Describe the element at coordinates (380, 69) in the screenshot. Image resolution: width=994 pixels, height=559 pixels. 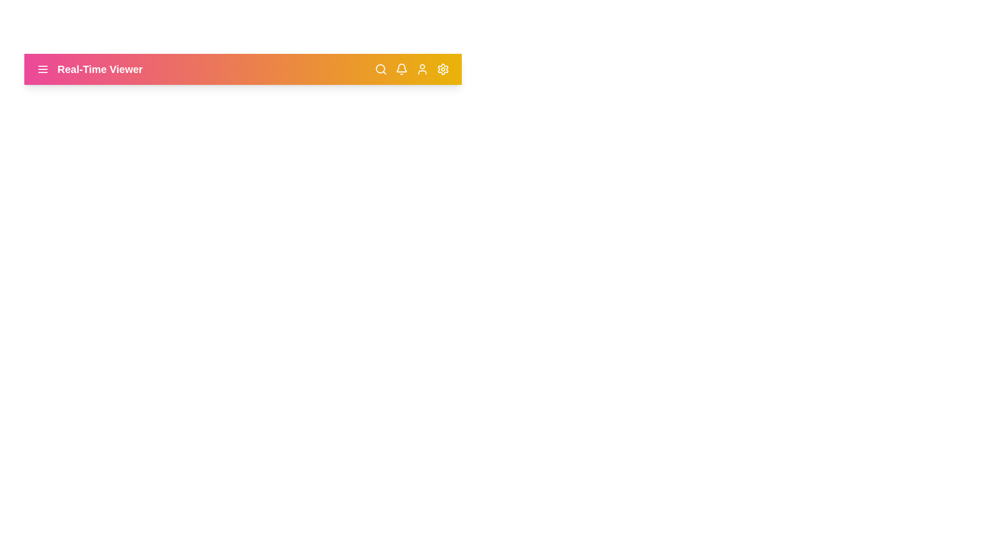
I see `the search icon to open the search functionality` at that location.